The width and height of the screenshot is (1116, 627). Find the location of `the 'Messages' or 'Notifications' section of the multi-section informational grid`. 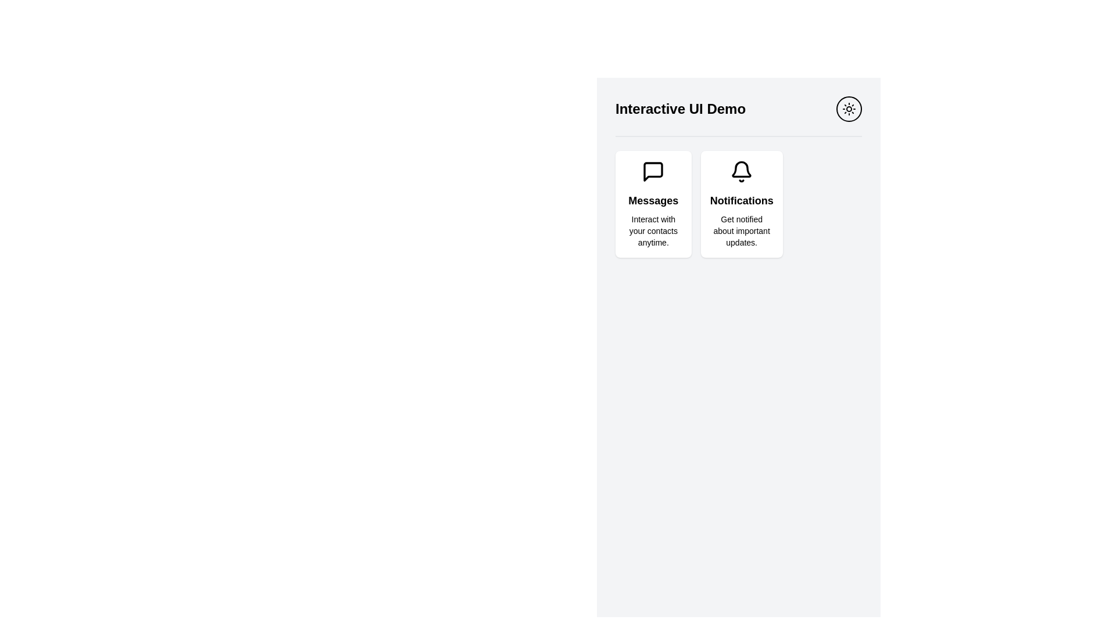

the 'Messages' or 'Notifications' section of the multi-section informational grid is located at coordinates (738, 203).